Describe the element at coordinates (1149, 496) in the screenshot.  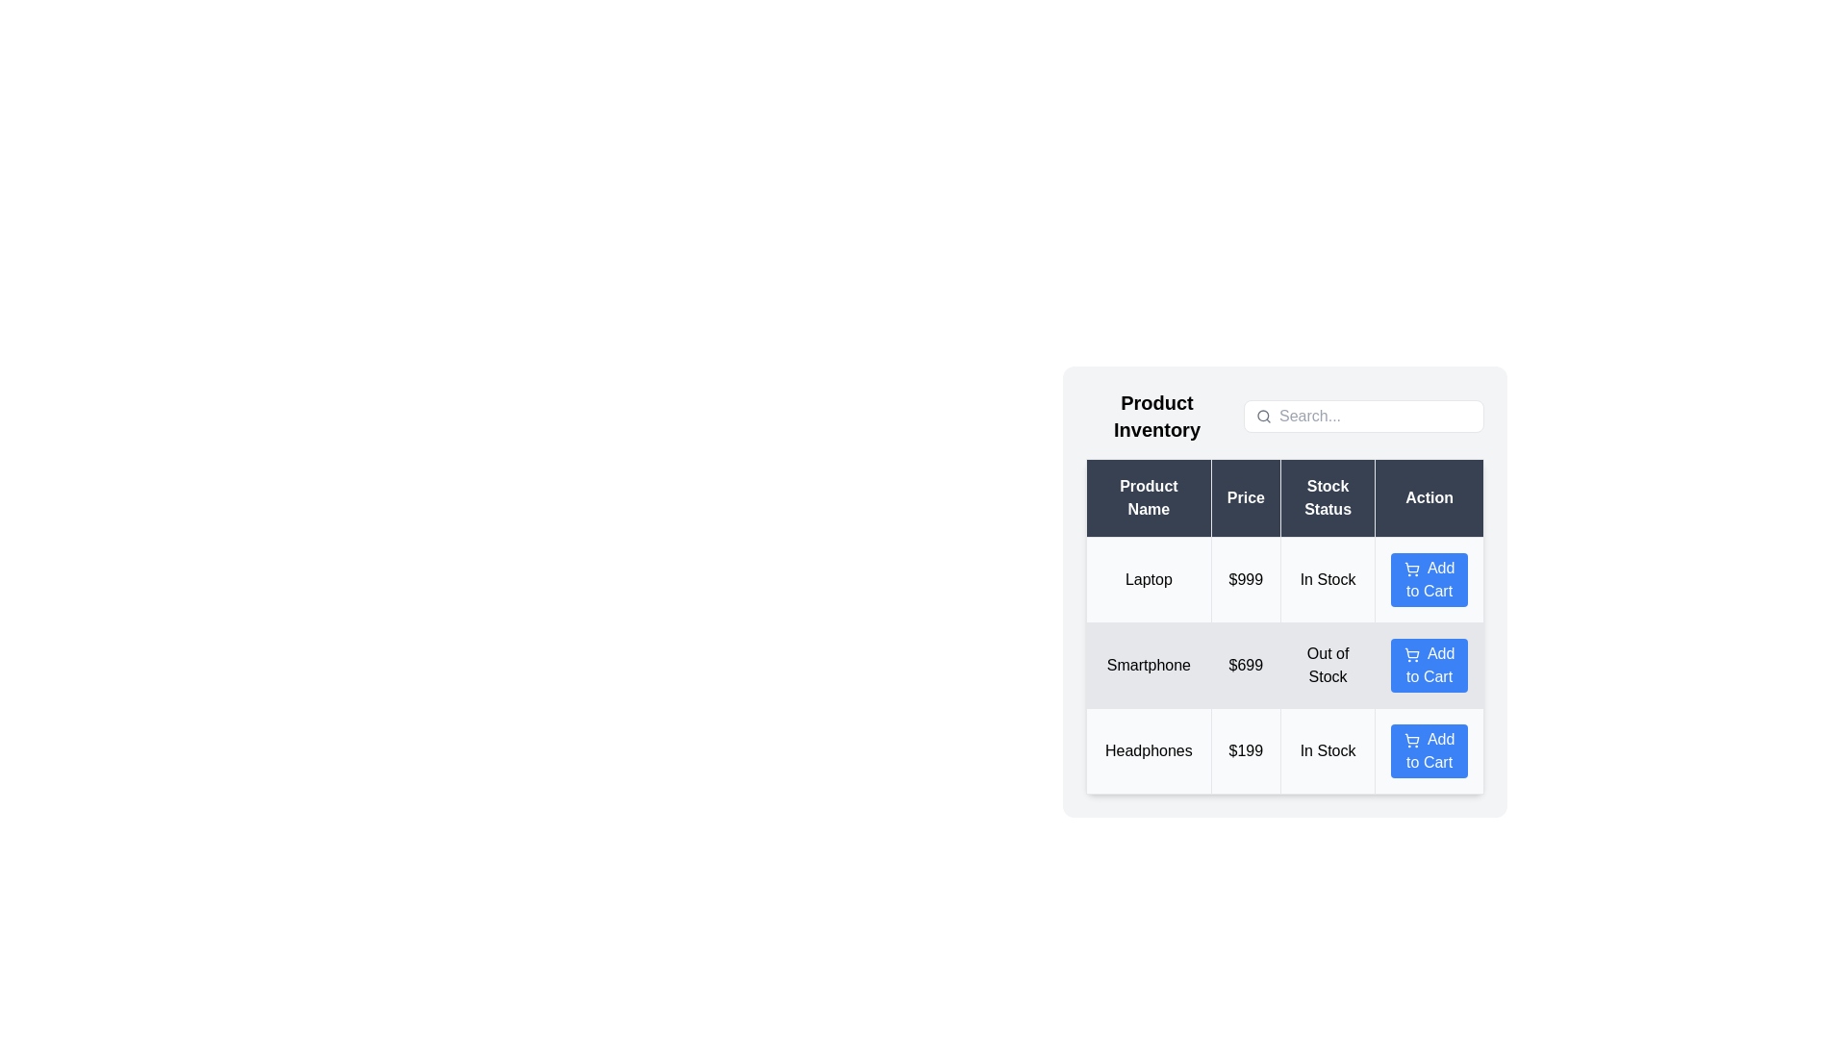
I see `the column header Product Name to sort the table by that column` at that location.